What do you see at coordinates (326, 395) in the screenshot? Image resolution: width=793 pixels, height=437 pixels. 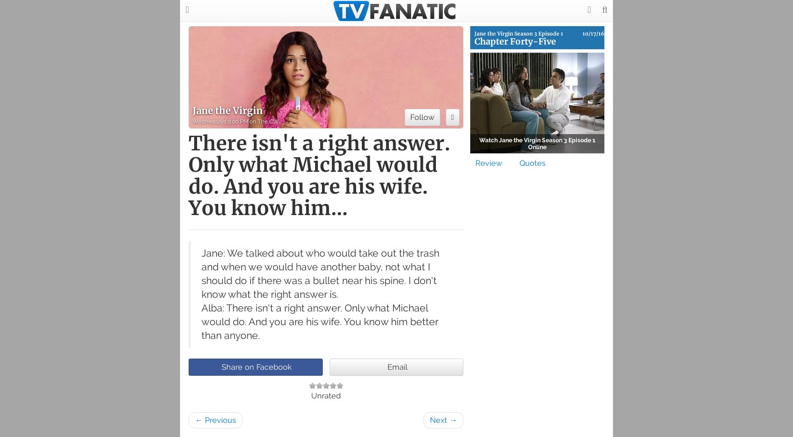 I see `'Unrated'` at bounding box center [326, 395].